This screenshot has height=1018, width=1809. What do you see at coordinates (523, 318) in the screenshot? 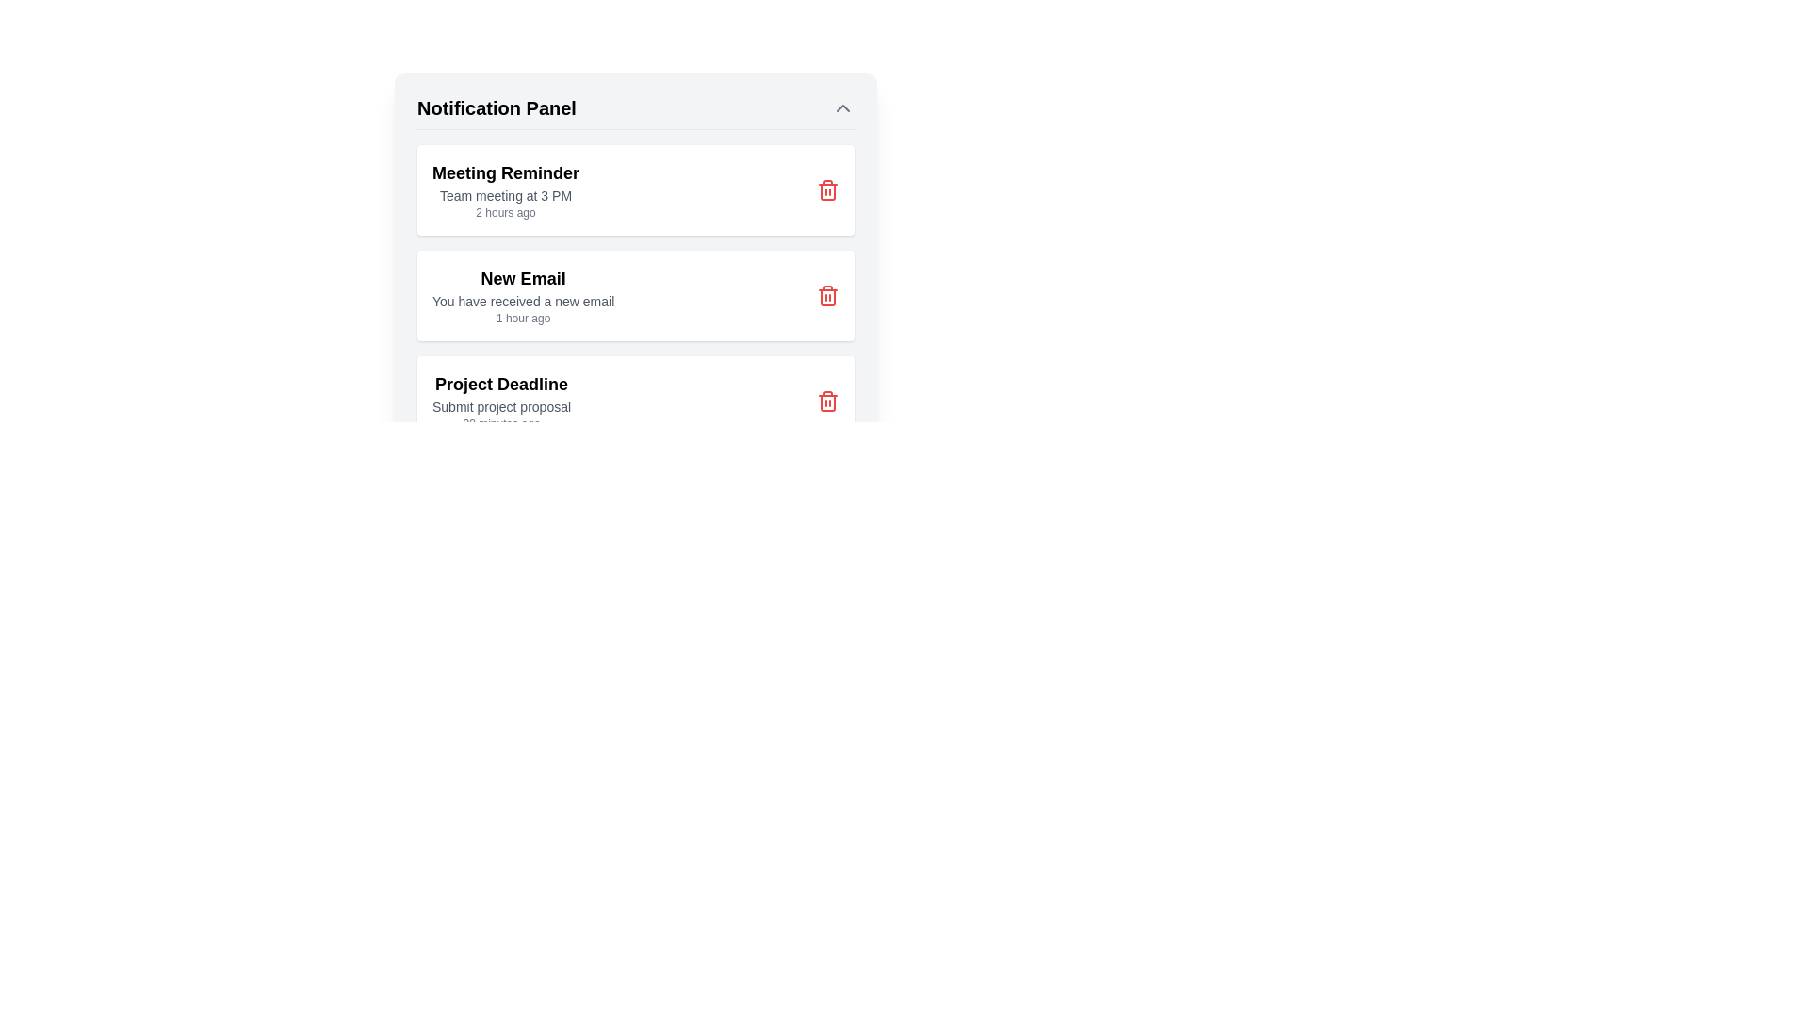
I see `the timestamp text label located within the 'New Email' notification card, positioned below the main description text 'You have received a new email' as the third line` at bounding box center [523, 318].